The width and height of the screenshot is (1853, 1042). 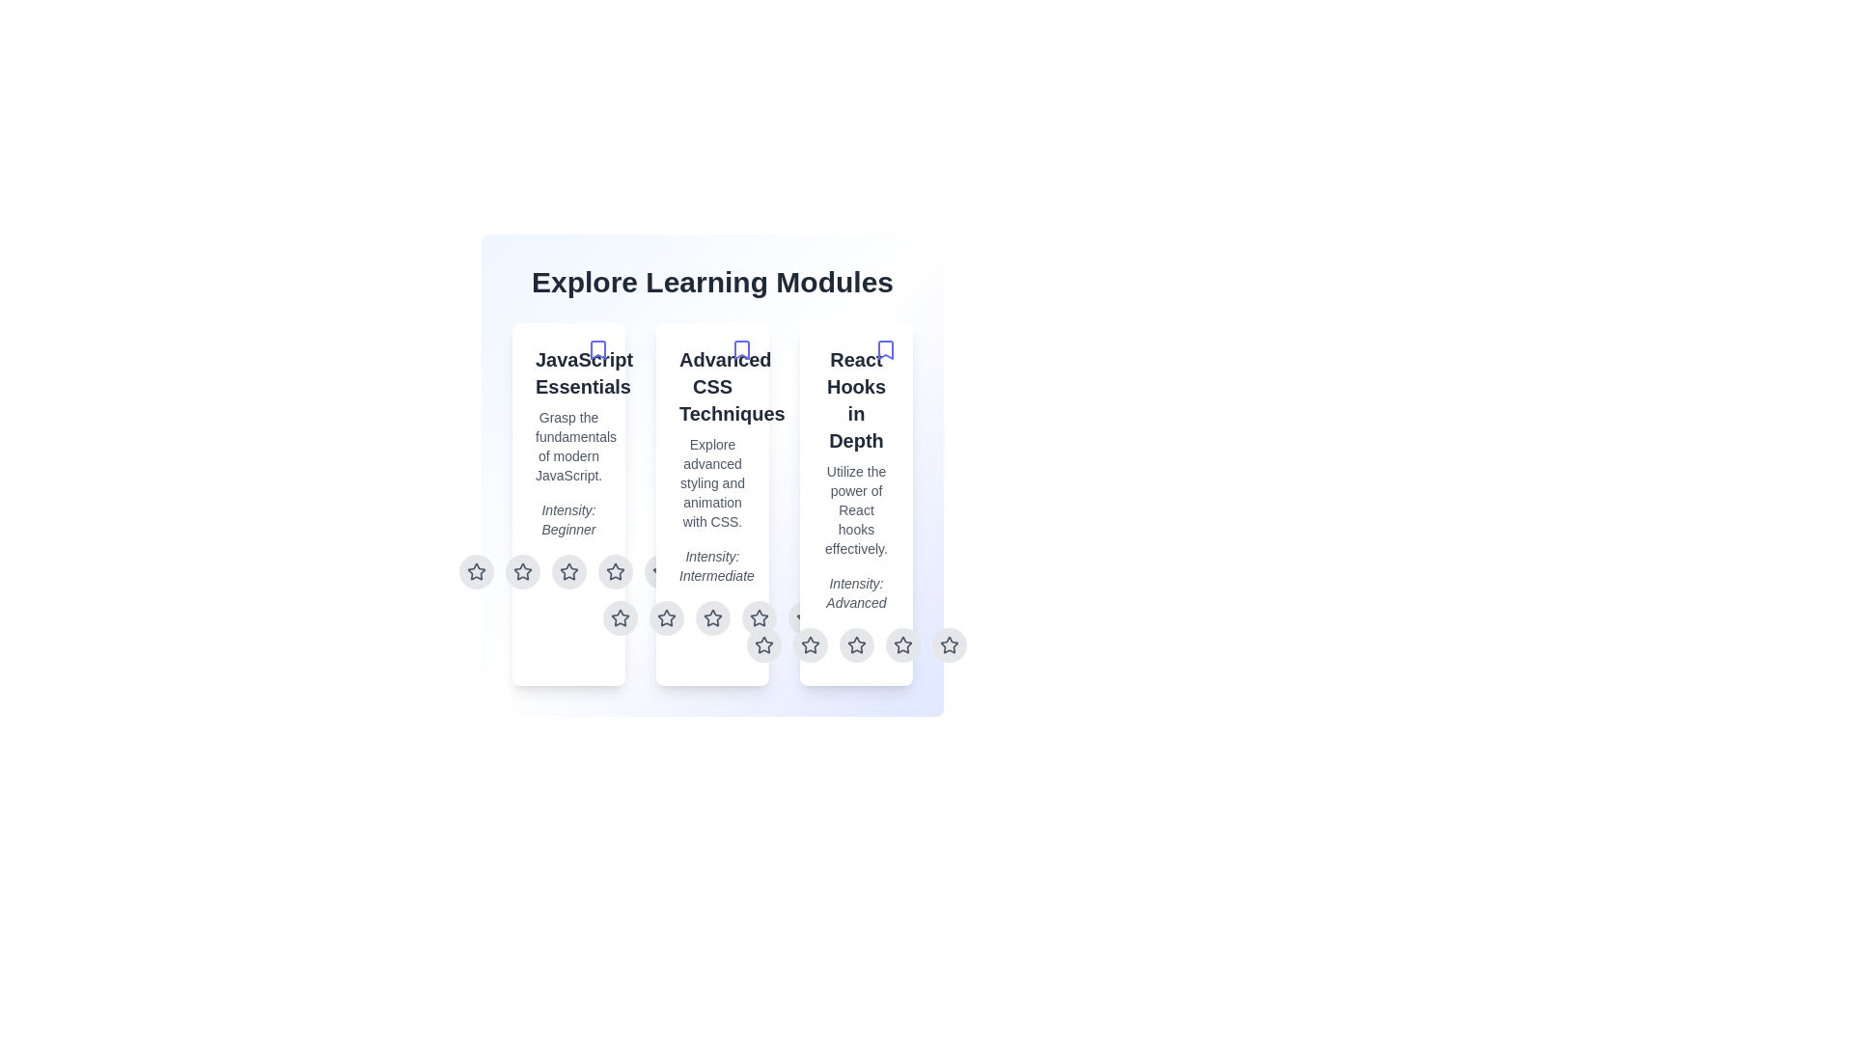 What do you see at coordinates (884, 349) in the screenshot?
I see `the bookmark icon for the module titled 'React Hooks in Depth'` at bounding box center [884, 349].